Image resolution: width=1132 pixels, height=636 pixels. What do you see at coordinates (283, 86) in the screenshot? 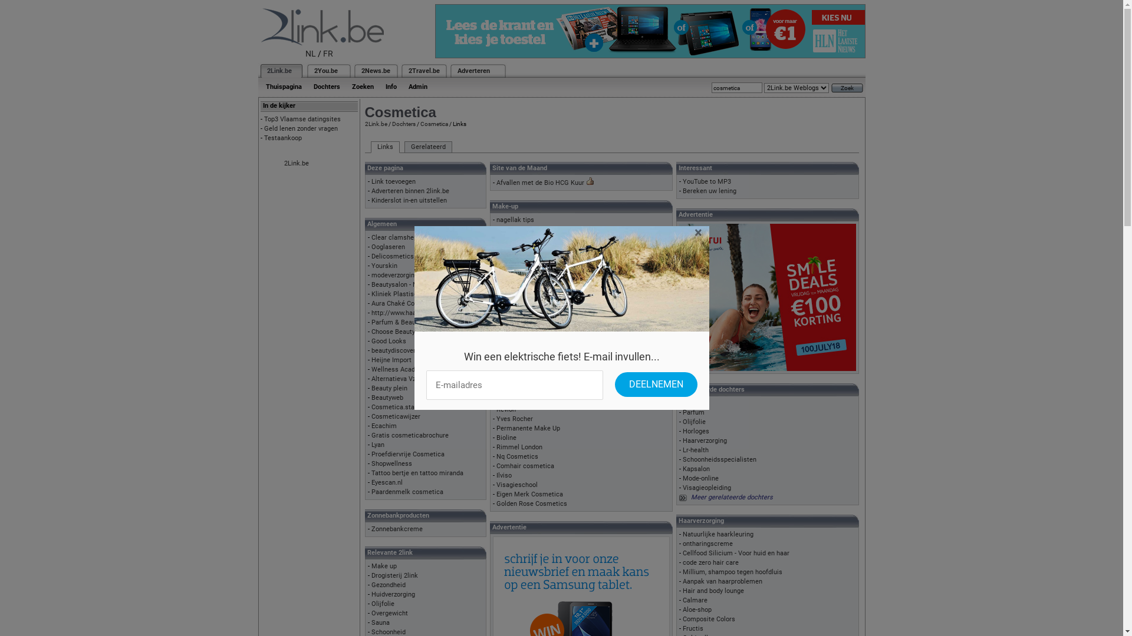
I see `'Thuispagina'` at bounding box center [283, 86].